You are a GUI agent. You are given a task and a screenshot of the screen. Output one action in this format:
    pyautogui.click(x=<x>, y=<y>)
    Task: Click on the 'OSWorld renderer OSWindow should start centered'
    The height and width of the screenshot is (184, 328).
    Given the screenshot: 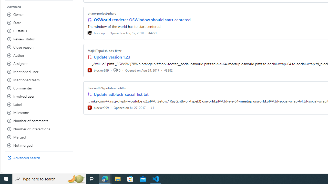 What is the action you would take?
    pyautogui.click(x=142, y=19)
    